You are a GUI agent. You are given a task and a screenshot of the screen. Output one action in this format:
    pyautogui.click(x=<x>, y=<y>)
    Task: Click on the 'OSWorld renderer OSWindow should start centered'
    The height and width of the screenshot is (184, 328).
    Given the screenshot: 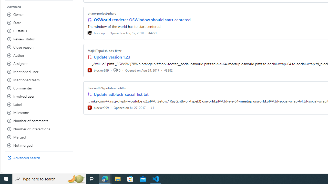 What is the action you would take?
    pyautogui.click(x=142, y=19)
    